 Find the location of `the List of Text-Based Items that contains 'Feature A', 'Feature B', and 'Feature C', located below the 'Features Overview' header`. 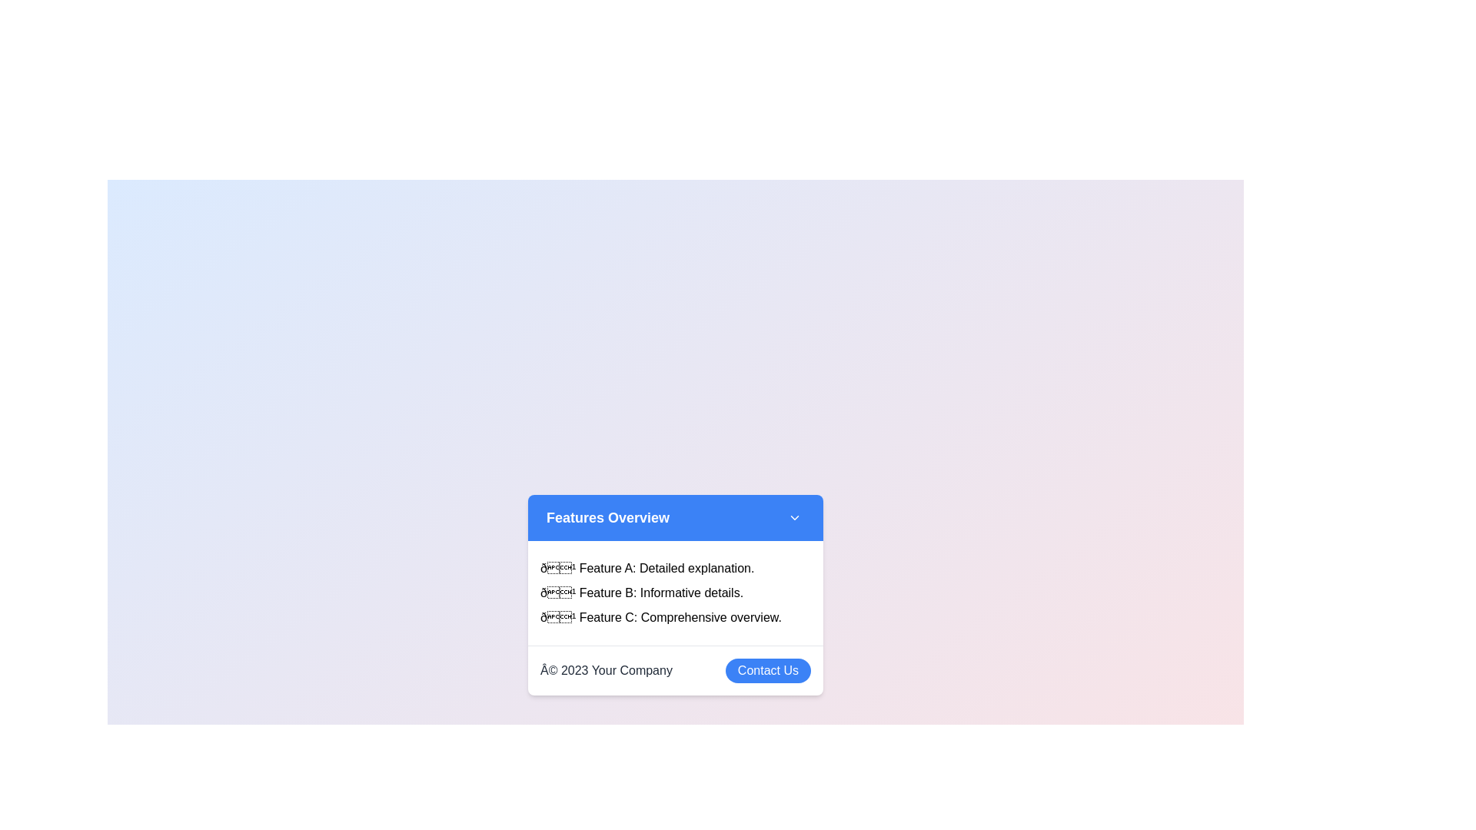

the List of Text-Based Items that contains 'Feature A', 'Feature B', and 'Feature C', located below the 'Features Overview' header is located at coordinates (675, 592).